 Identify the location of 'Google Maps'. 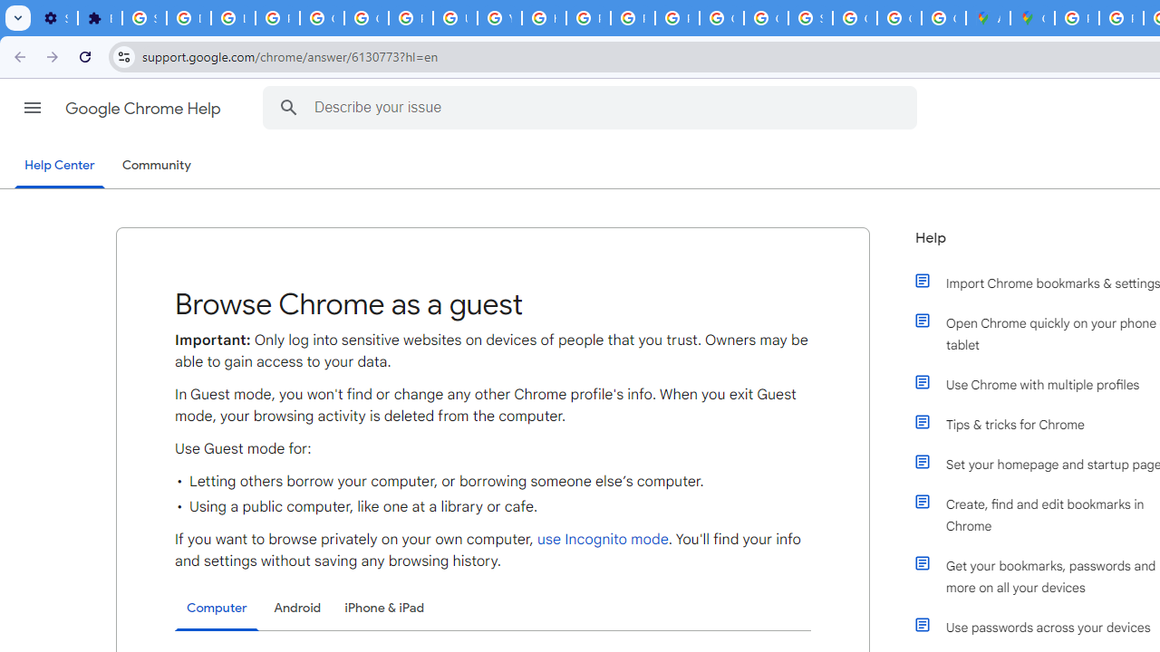
(1032, 18).